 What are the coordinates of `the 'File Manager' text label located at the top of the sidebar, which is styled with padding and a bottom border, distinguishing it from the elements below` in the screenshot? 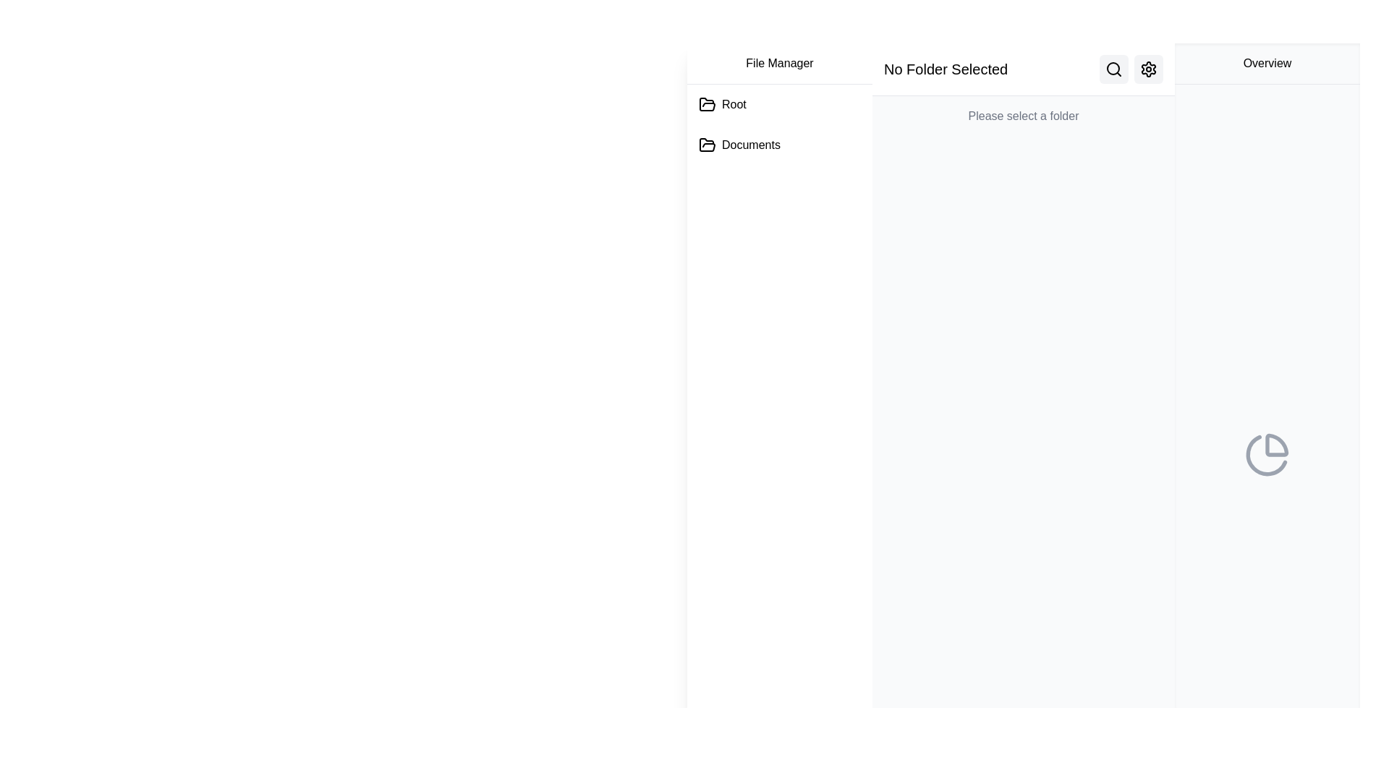 It's located at (779, 63).